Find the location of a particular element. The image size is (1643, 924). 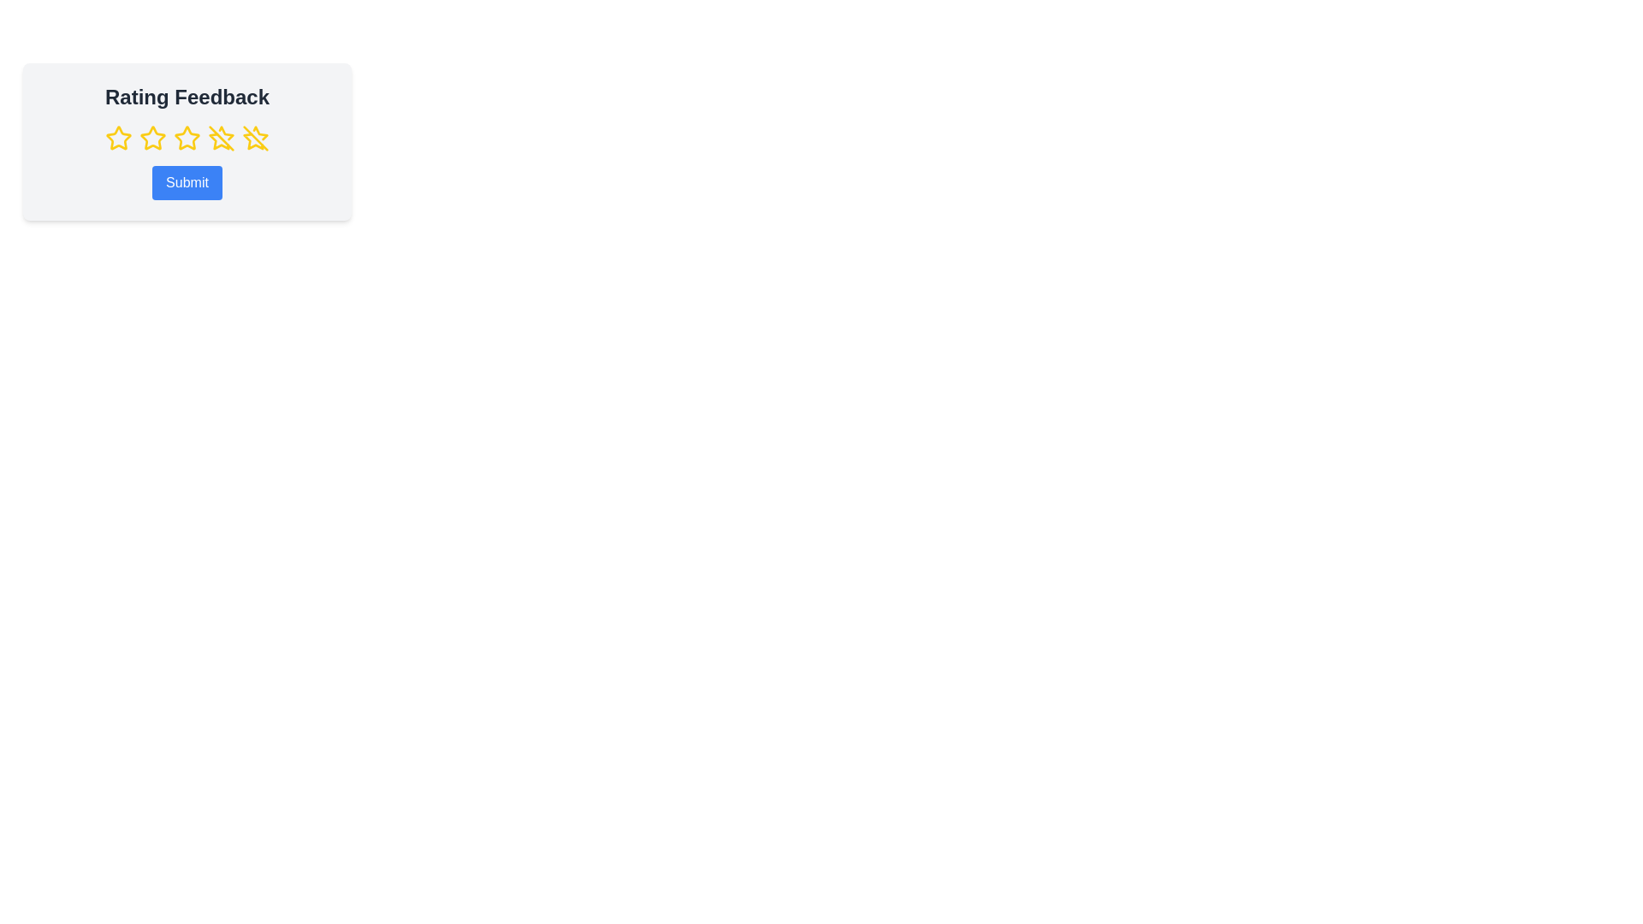

the second star-shaped rating icon with a yellow outline in a horizontal arrangement of five stars is located at coordinates (152, 137).